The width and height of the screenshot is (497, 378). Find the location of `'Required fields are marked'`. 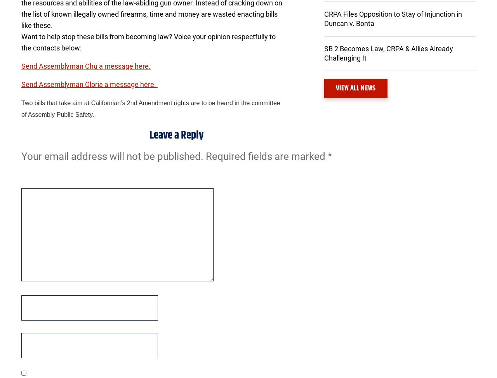

'Required fields are marked' is located at coordinates (266, 156).